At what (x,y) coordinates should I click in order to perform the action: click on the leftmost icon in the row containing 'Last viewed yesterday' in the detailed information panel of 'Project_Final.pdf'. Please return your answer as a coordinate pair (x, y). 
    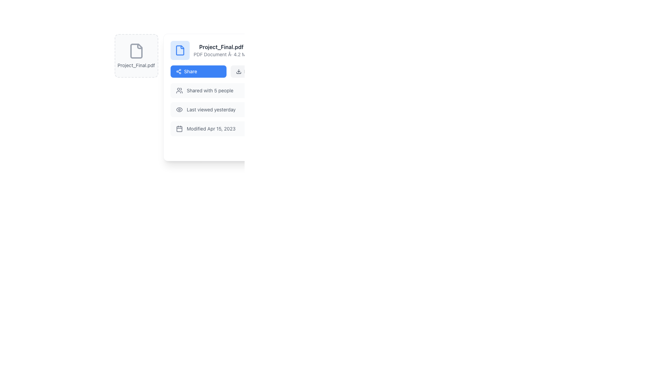
    Looking at the image, I should click on (179, 109).